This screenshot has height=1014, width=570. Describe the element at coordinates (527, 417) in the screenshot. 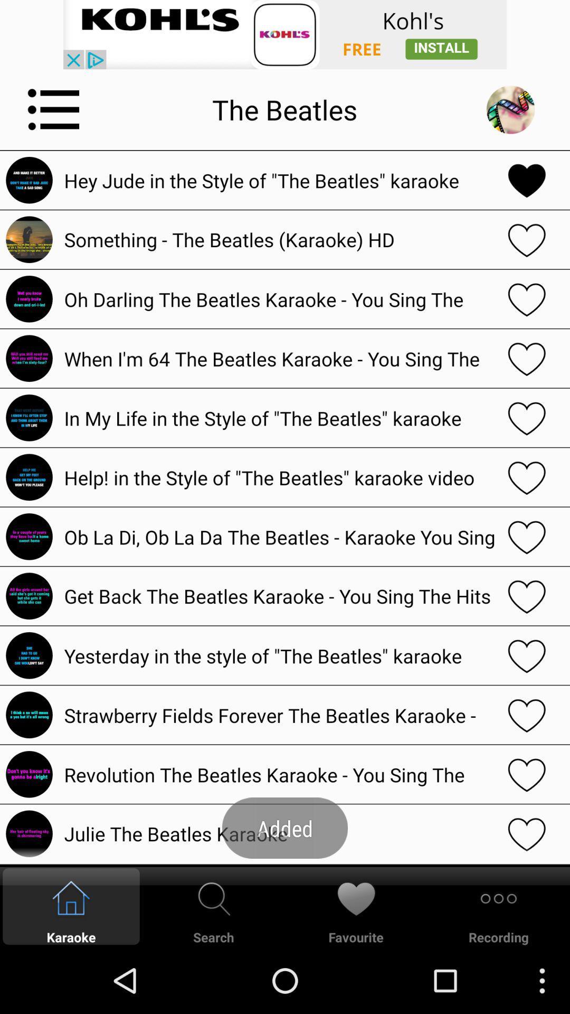

I see `this song to favourite` at that location.